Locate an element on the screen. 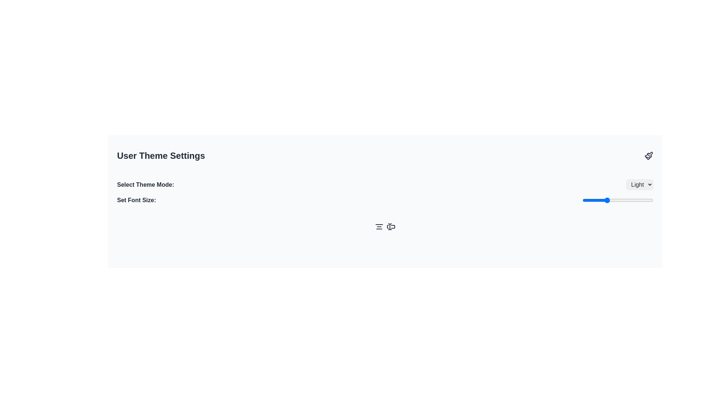  the paintbrush icon located at the top-right corner next to the 'User Theme Settings' title for further interaction is located at coordinates (648, 155).